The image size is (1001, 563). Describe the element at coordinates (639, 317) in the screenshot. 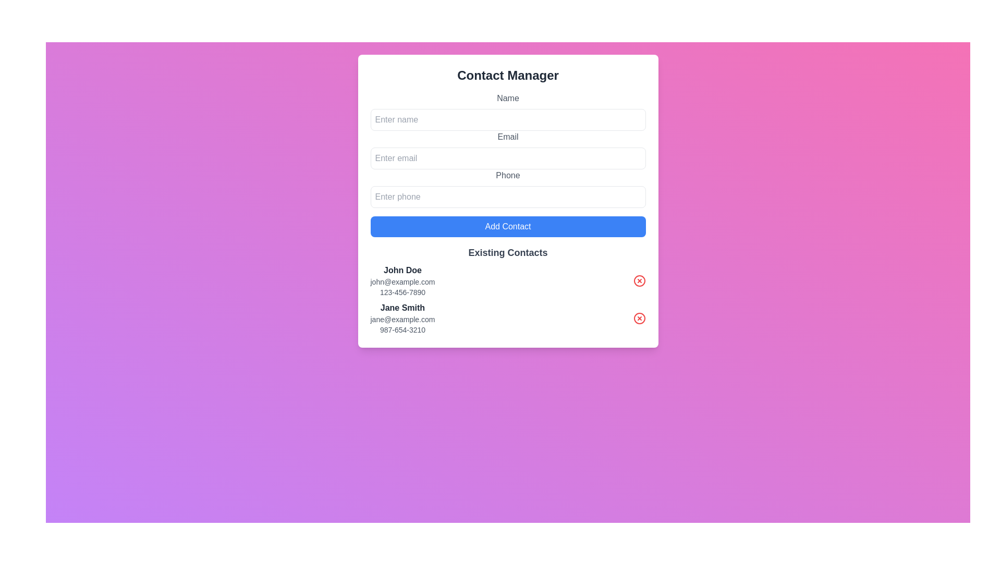

I see `the delete icon button for the contact 'Jane Smith' in the 'Existing Contacts' section` at that location.